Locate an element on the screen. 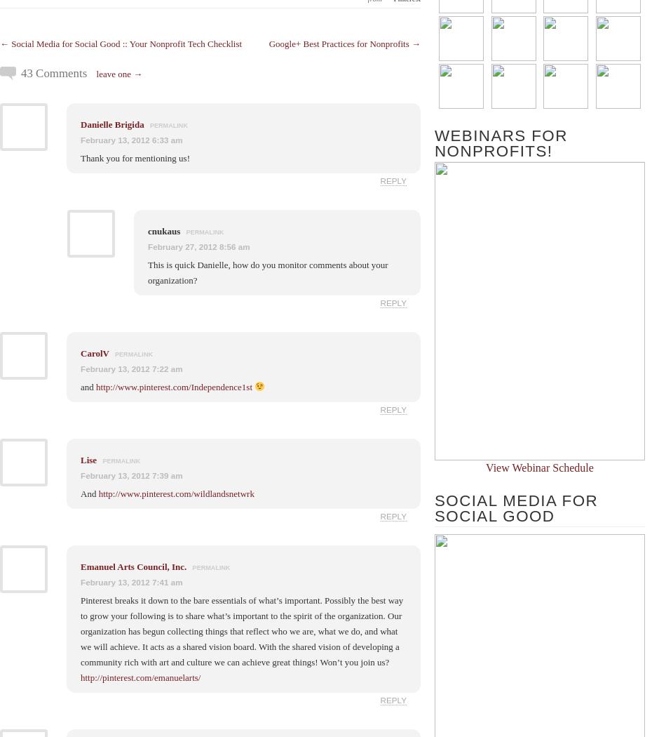  'http://www.pinterest.com/Independence1st' is located at coordinates (95, 386).